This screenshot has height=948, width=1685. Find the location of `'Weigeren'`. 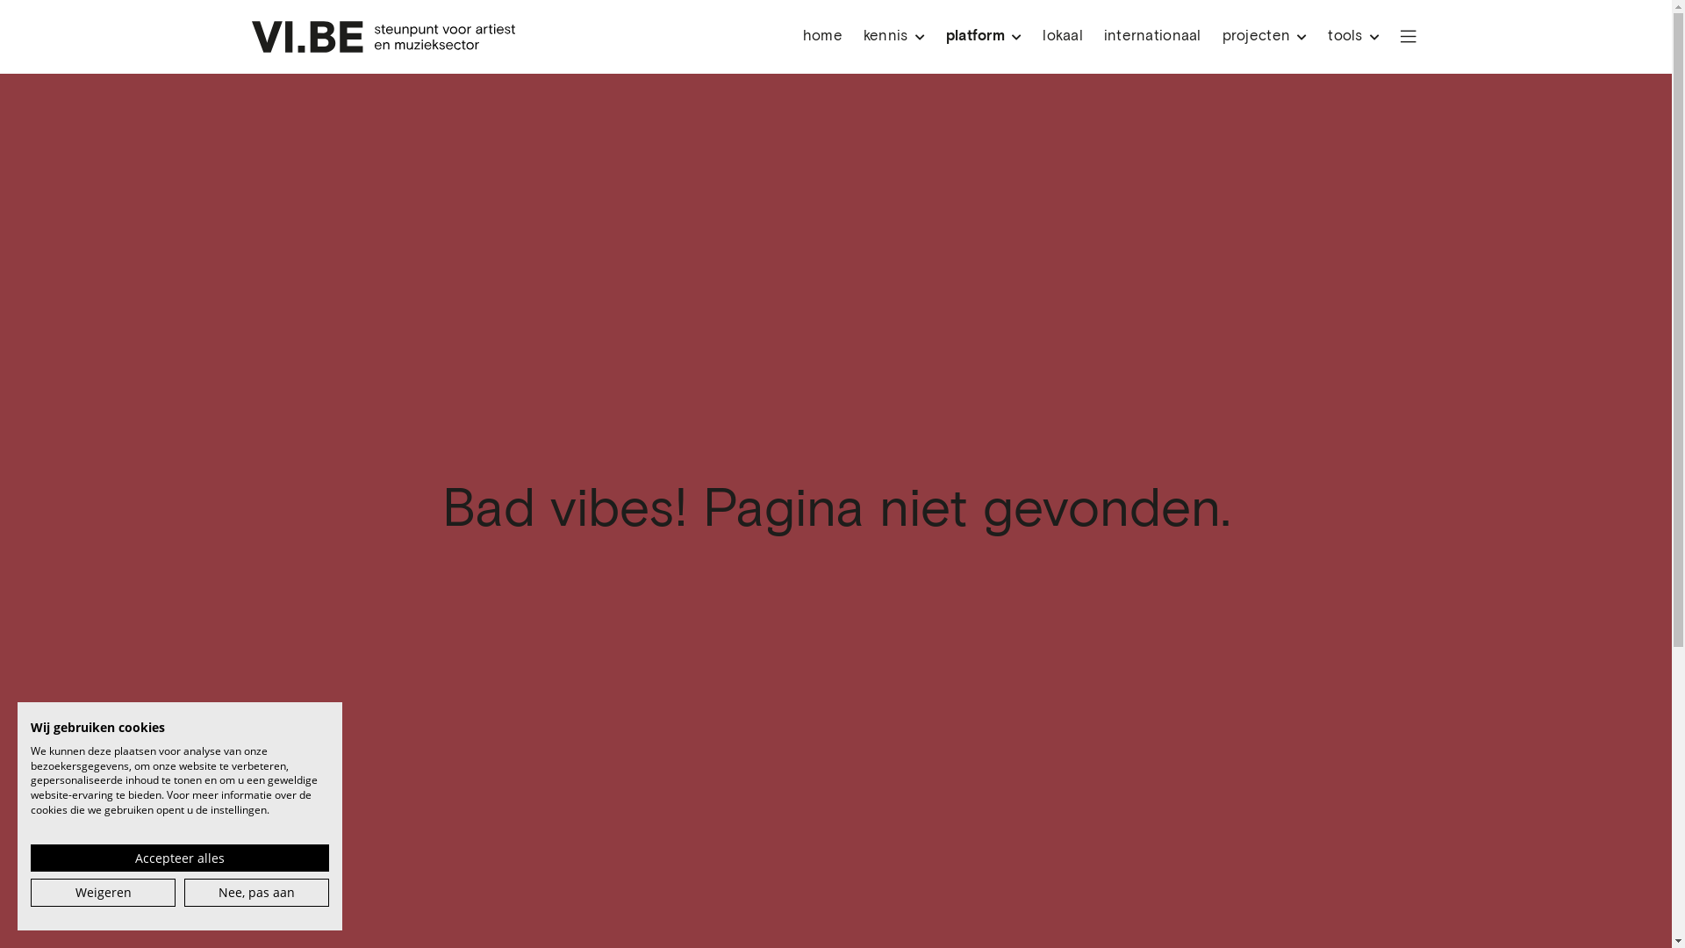

'Weigeren' is located at coordinates (30, 893).